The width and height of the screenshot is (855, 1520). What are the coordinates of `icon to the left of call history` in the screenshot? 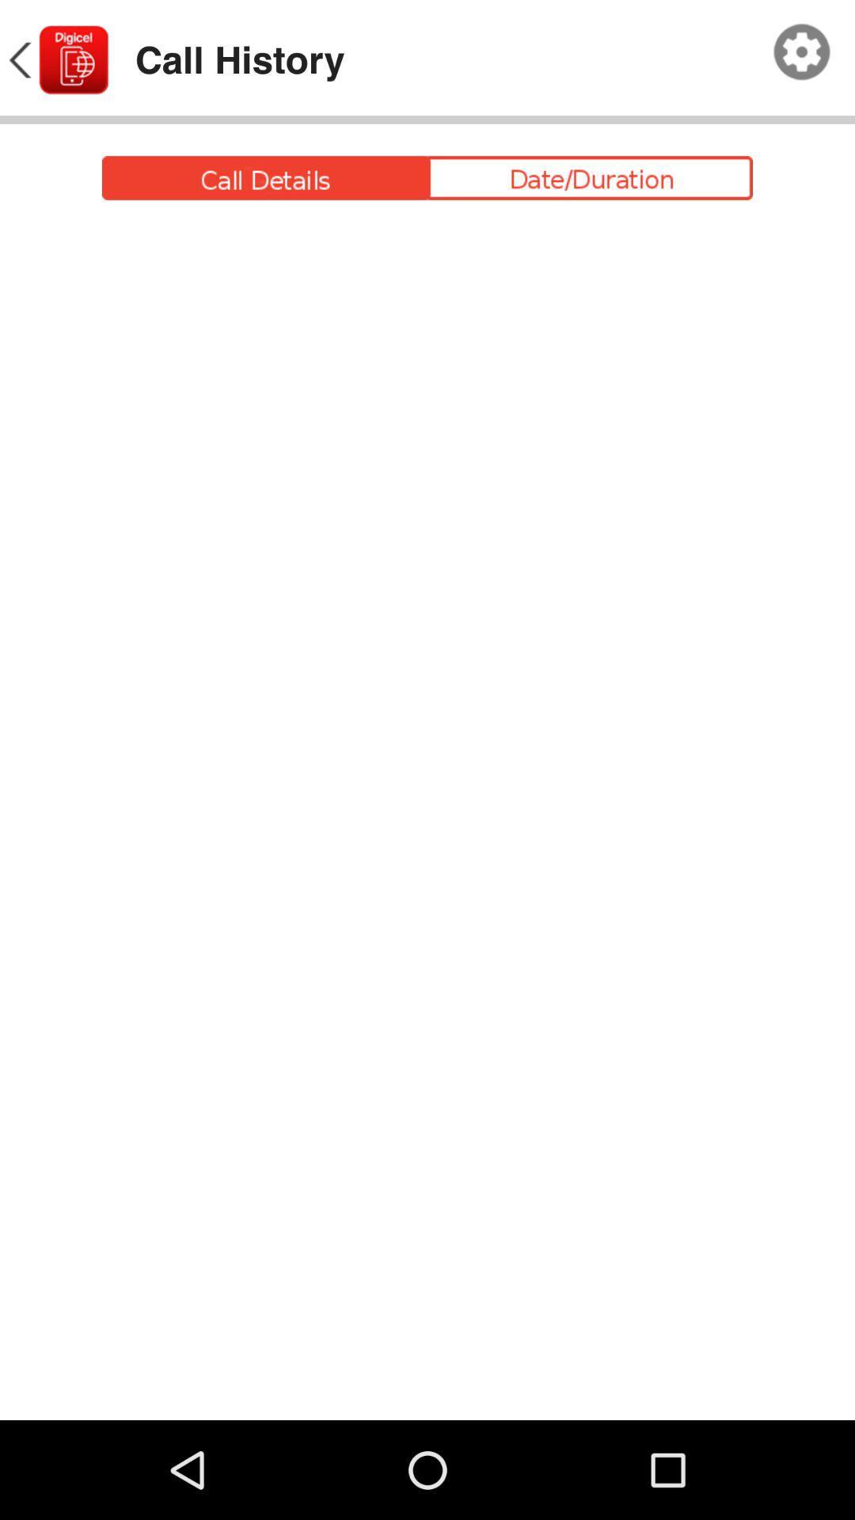 It's located at (56, 60).